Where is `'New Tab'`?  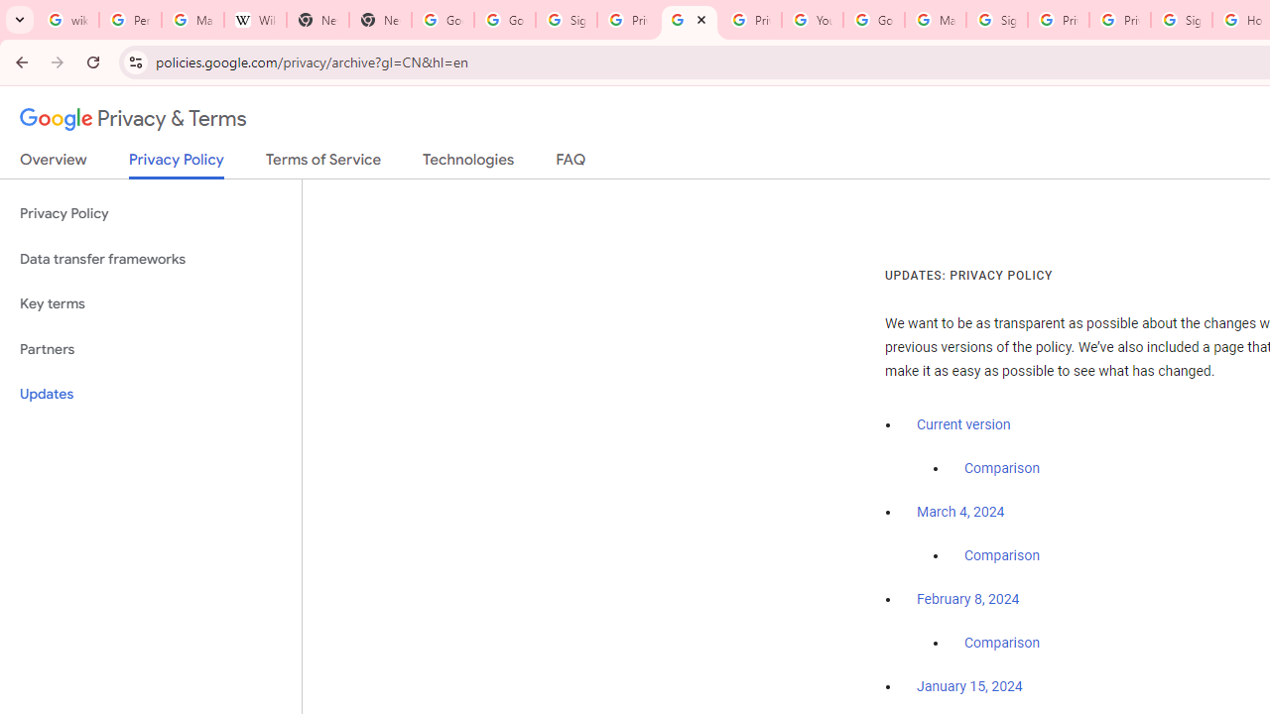 'New Tab' is located at coordinates (317, 20).